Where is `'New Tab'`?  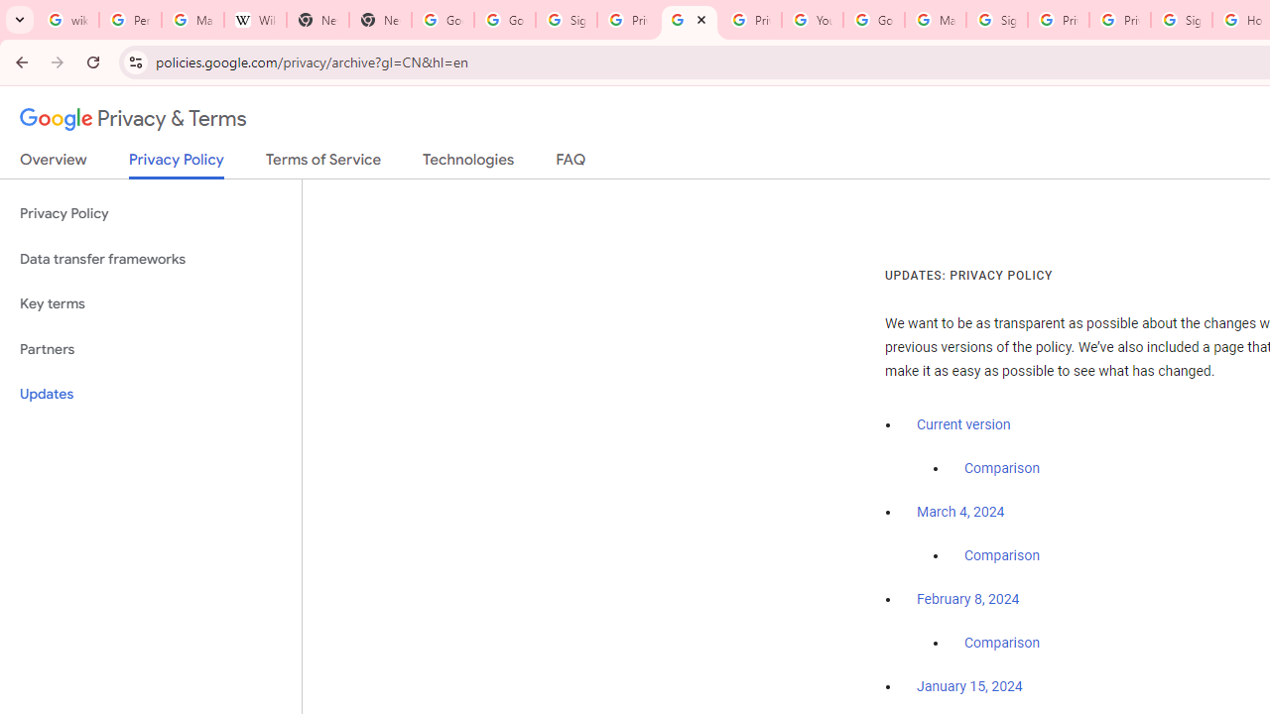 'New Tab' is located at coordinates (317, 20).